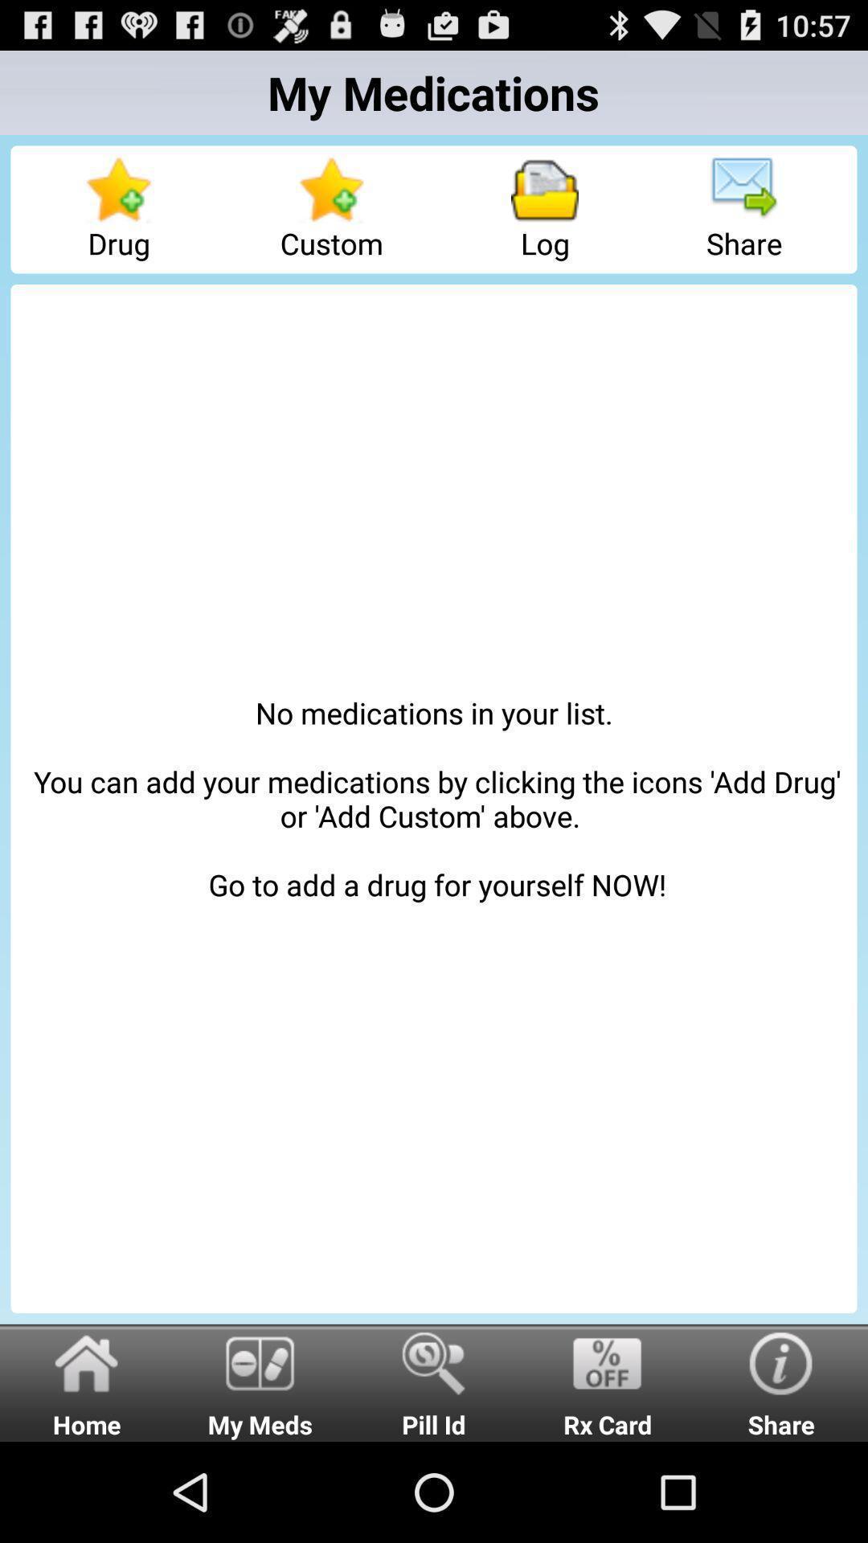 This screenshot has width=868, height=1543. Describe the element at coordinates (544, 208) in the screenshot. I see `item next to share` at that location.